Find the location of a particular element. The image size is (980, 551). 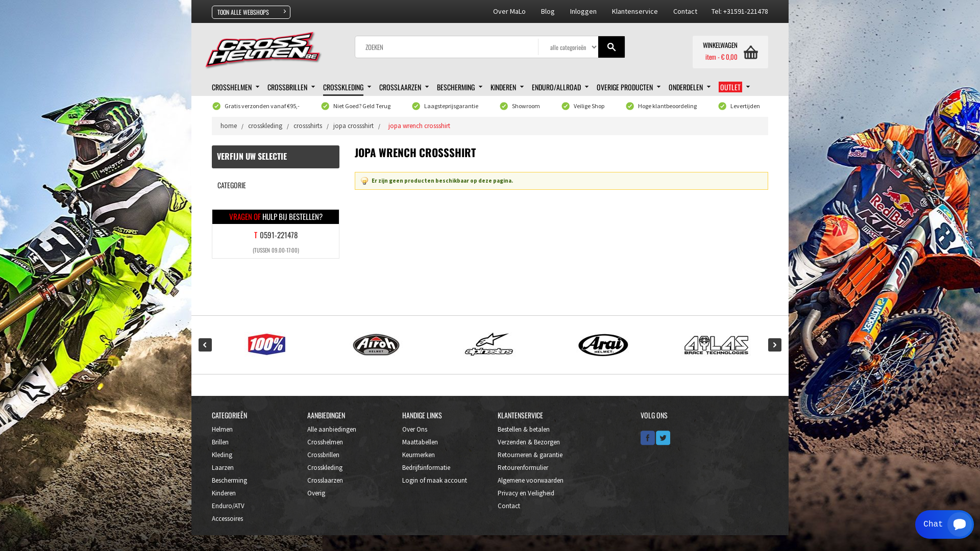

'WINKELWAGEN' is located at coordinates (729, 46).